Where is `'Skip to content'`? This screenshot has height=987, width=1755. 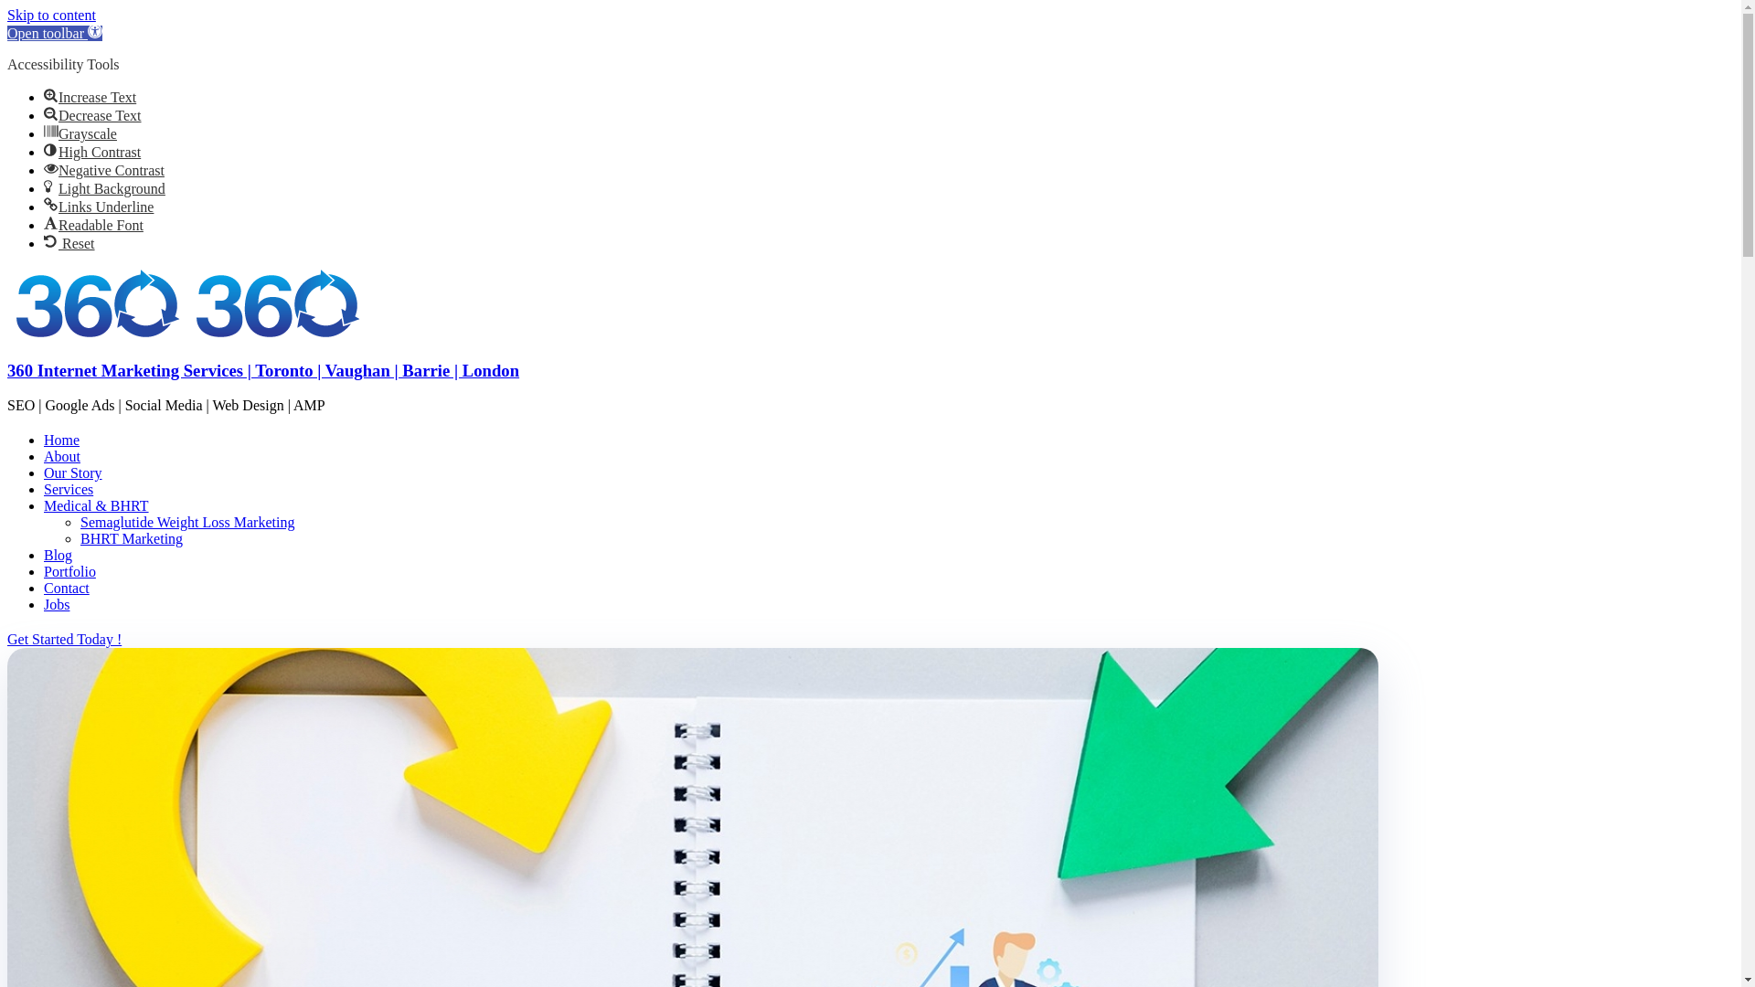 'Skip to content' is located at coordinates (51, 15).